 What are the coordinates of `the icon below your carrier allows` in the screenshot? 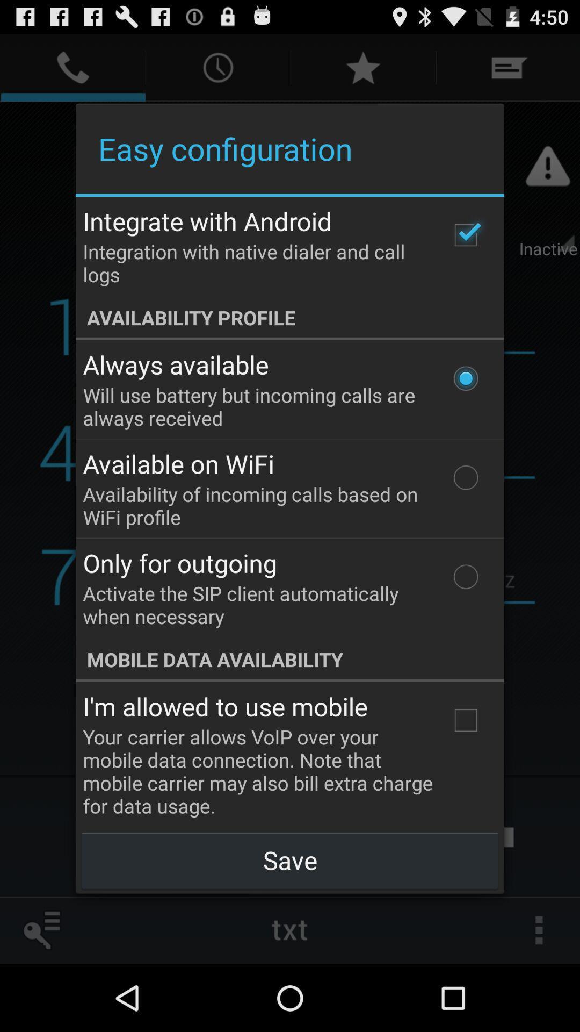 It's located at (290, 860).